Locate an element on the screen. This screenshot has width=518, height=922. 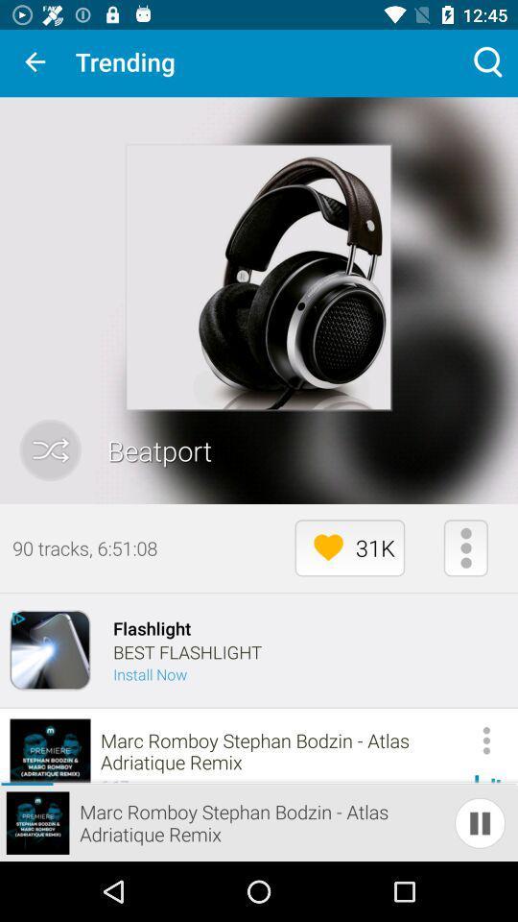
the pause icon is located at coordinates (479, 822).